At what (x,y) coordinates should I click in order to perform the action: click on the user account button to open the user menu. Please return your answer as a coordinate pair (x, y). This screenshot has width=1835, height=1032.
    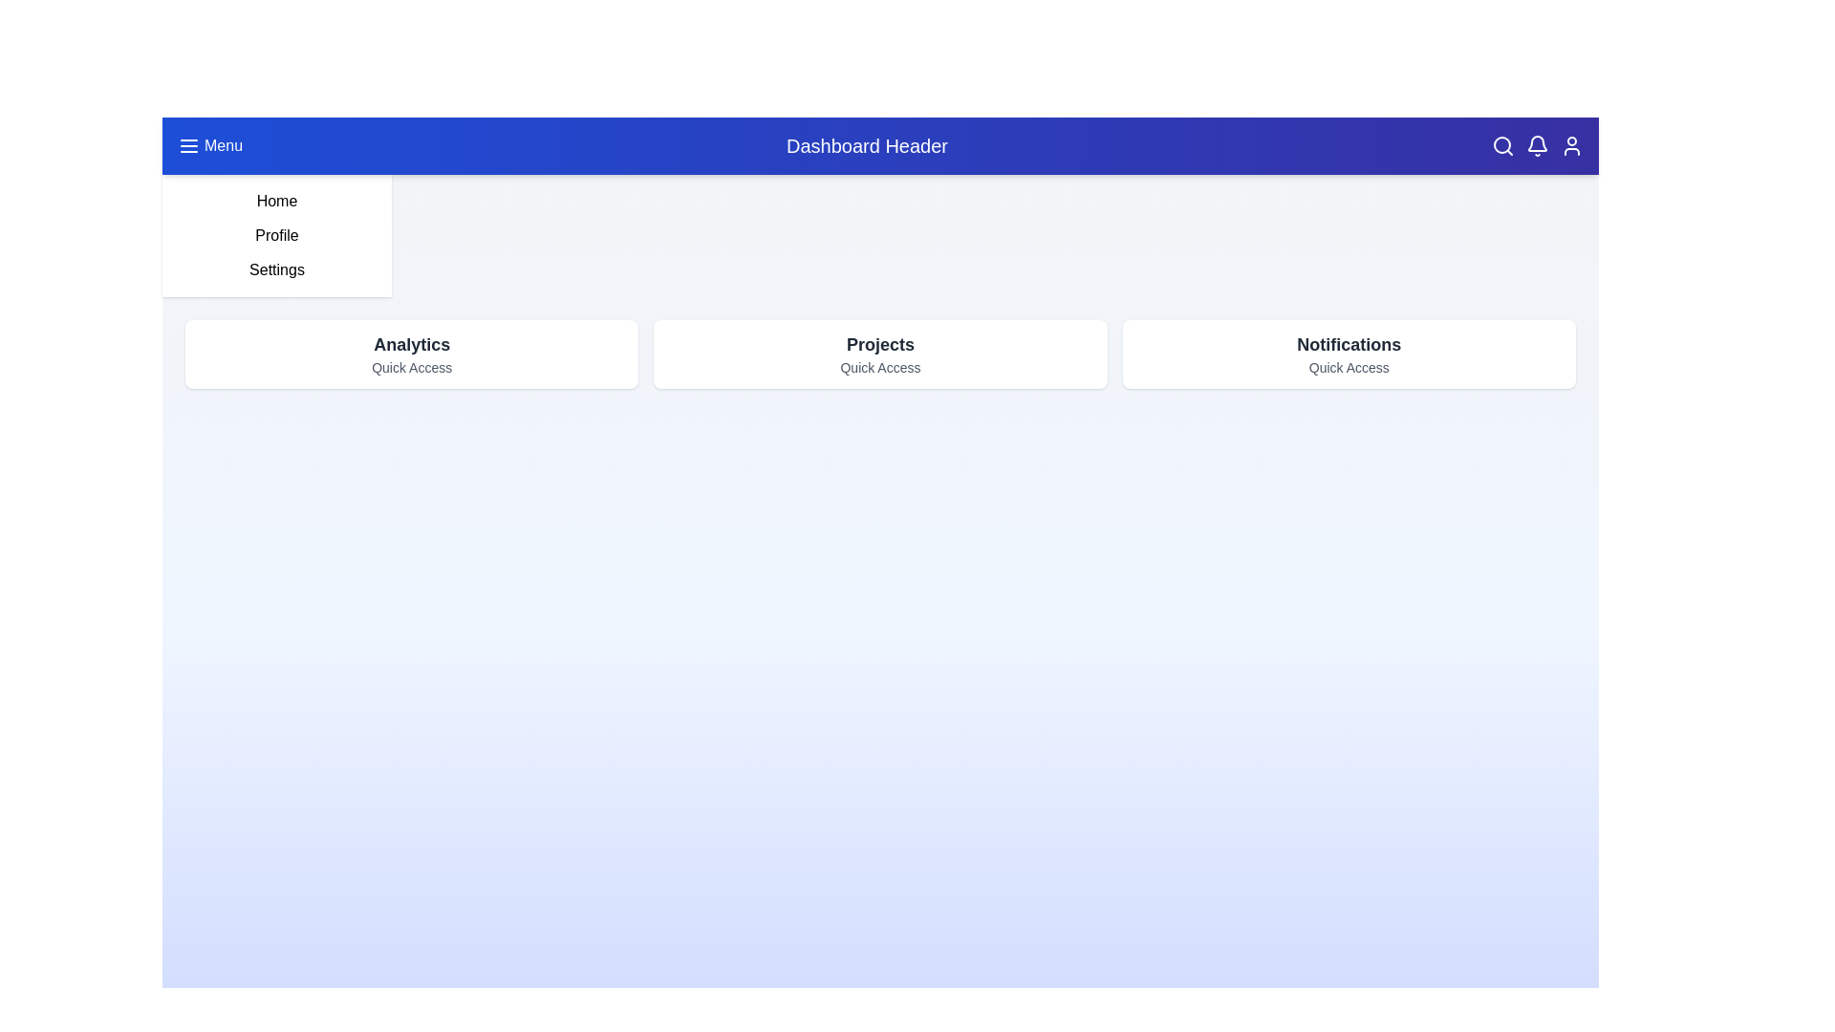
    Looking at the image, I should click on (1572, 145).